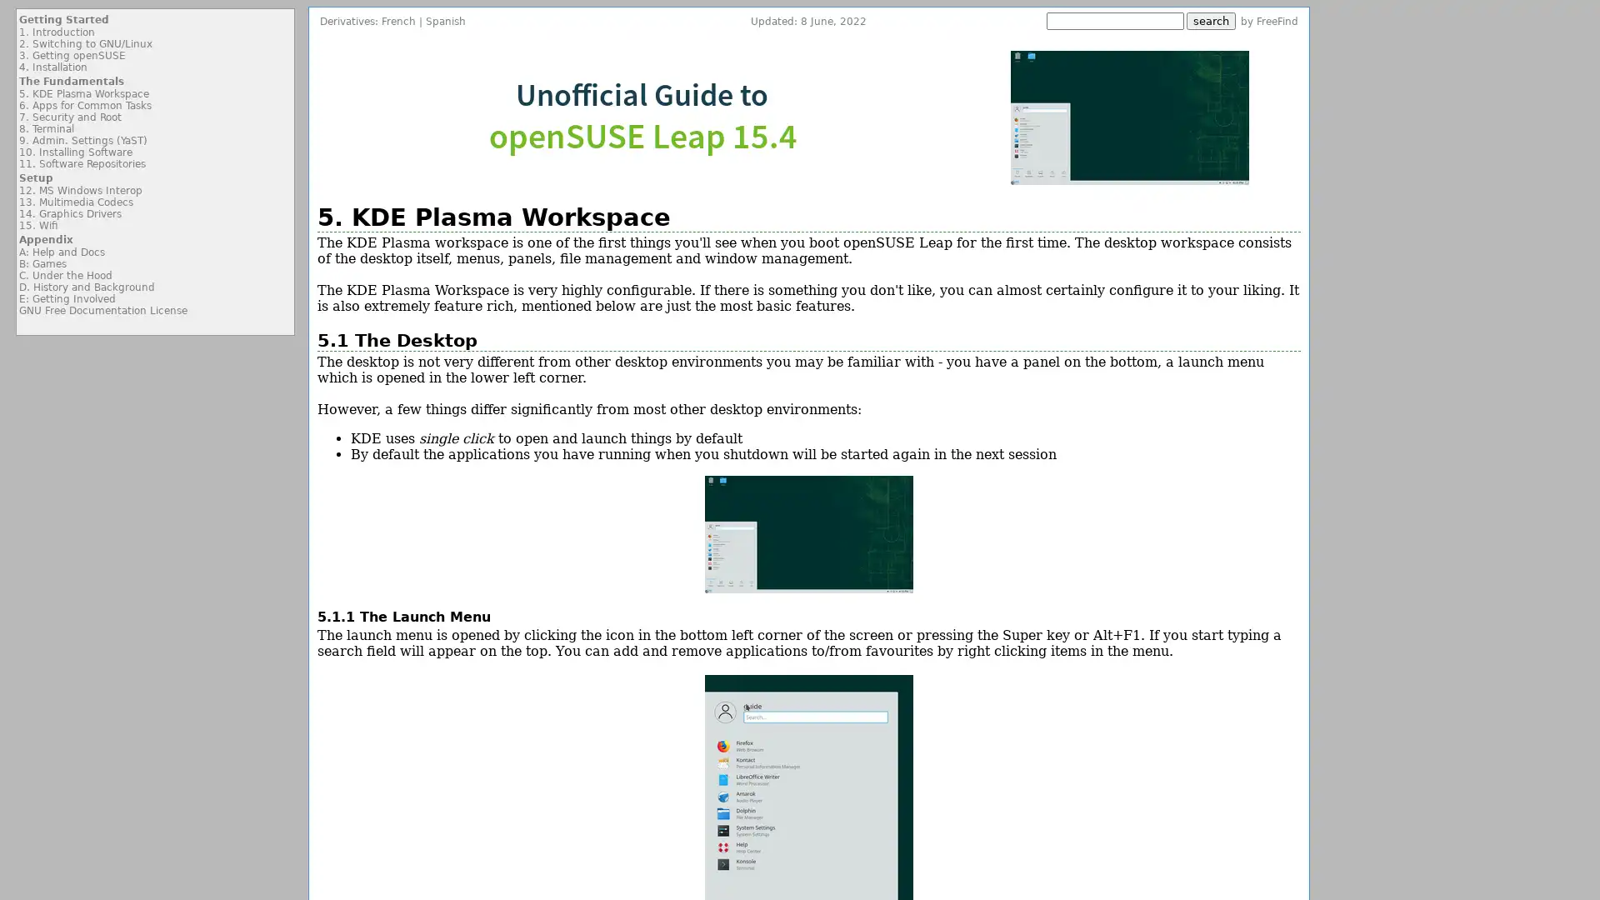 The width and height of the screenshot is (1600, 900). I want to click on search, so click(1211, 21).